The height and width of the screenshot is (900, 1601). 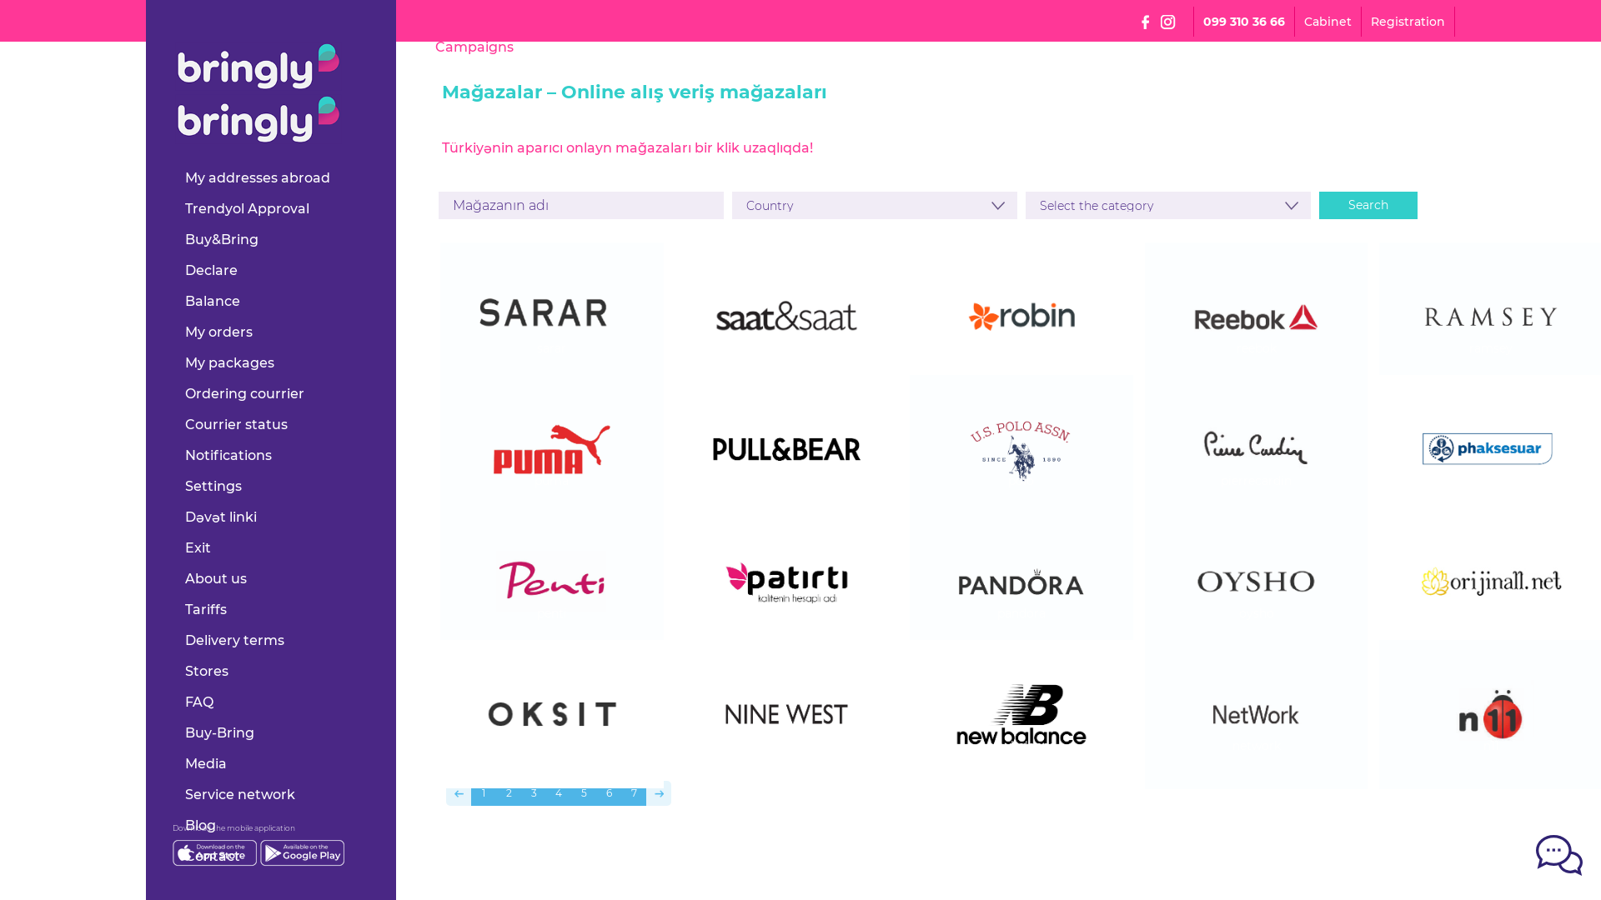 I want to click on 'Contact', so click(x=184, y=856).